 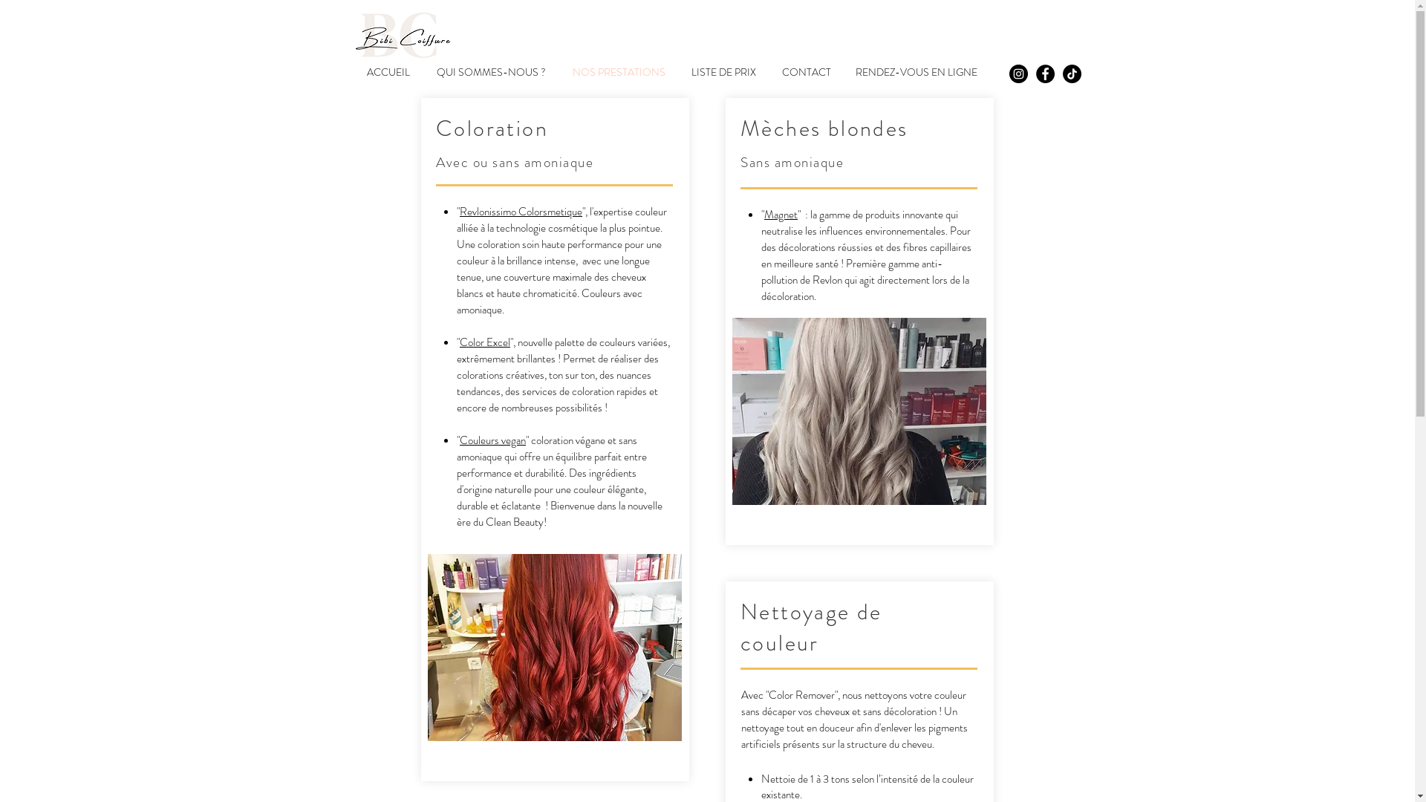 I want to click on 'ACCUEIL', so click(x=389, y=72).